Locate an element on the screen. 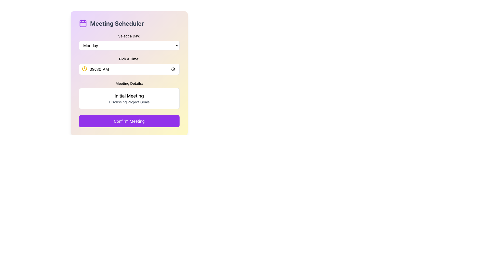 The image size is (489, 275). the Information Display that shows the current meeting details, located below the 'Pick a Time' section and between the time picker and the 'Confirm Meeting' button is located at coordinates (129, 95).